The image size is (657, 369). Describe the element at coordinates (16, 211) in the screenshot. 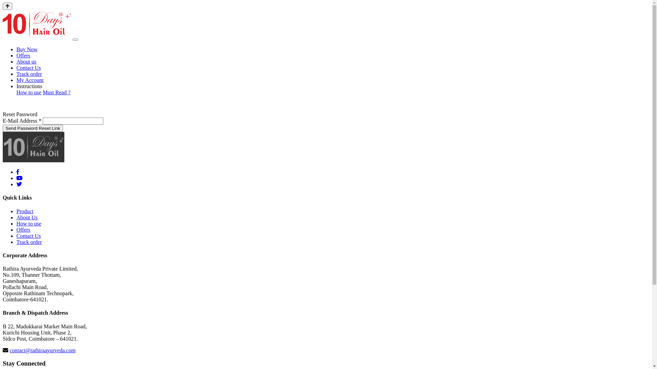

I see `'Product'` at that location.